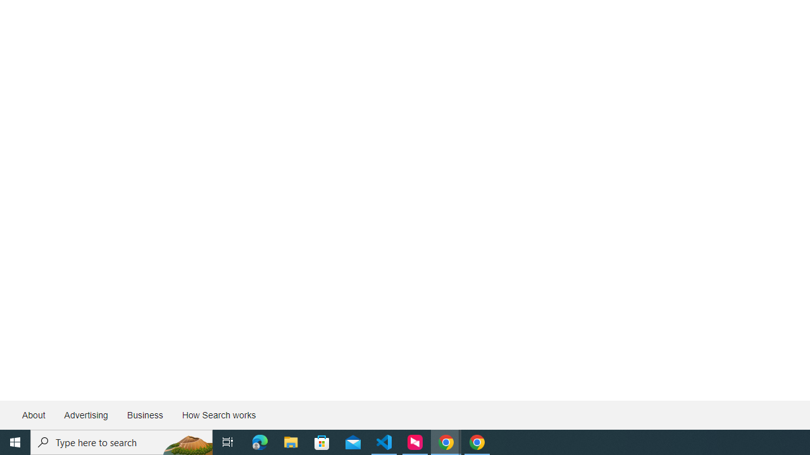 The width and height of the screenshot is (810, 455). What do you see at coordinates (218, 415) in the screenshot?
I see `'How Search works'` at bounding box center [218, 415].